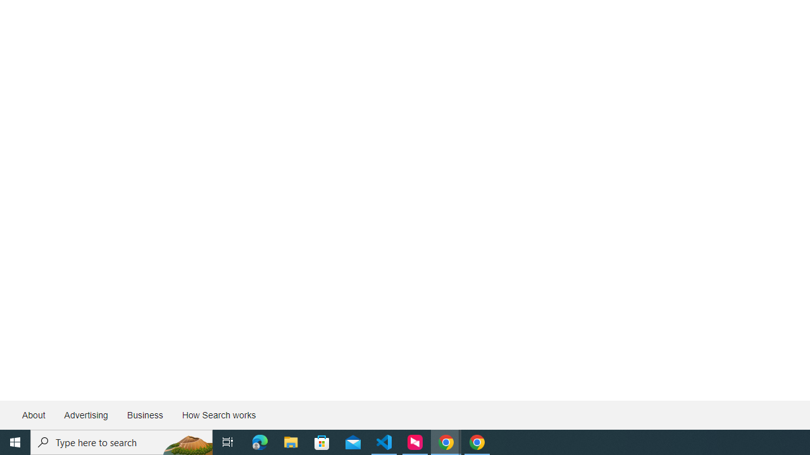 The width and height of the screenshot is (810, 455). What do you see at coordinates (218, 415) in the screenshot?
I see `'How Search works'` at bounding box center [218, 415].